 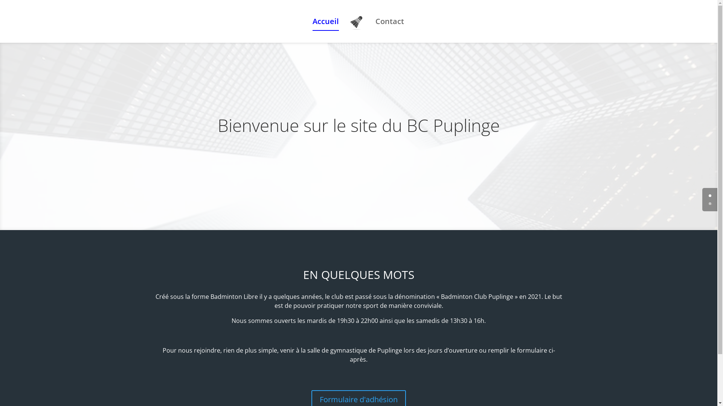 What do you see at coordinates (325, 30) in the screenshot?
I see `'Accueil'` at bounding box center [325, 30].